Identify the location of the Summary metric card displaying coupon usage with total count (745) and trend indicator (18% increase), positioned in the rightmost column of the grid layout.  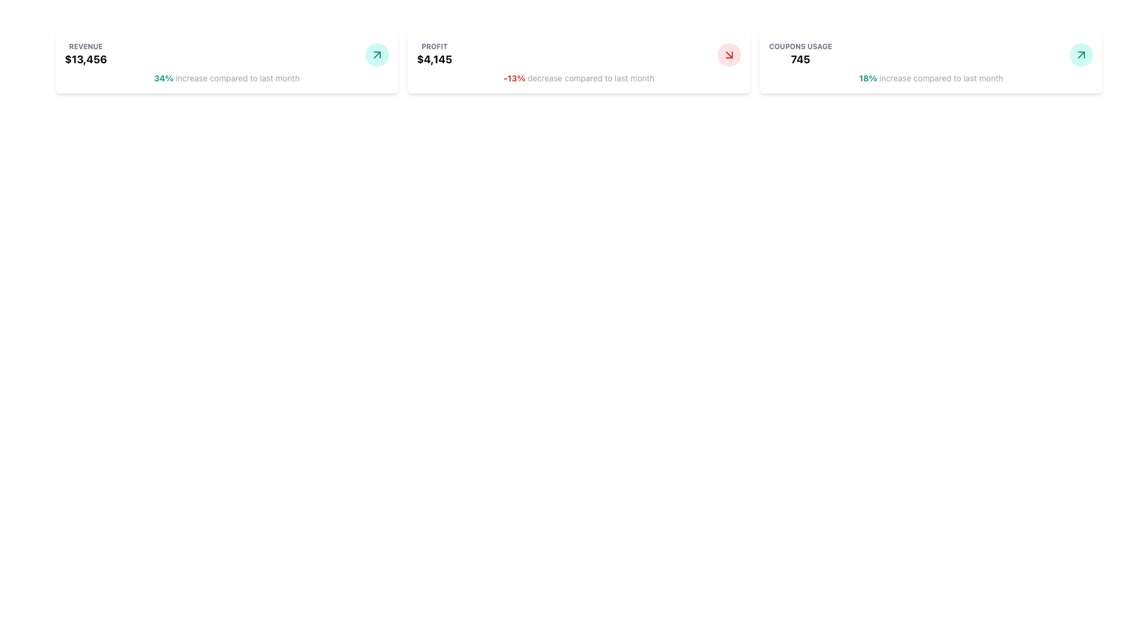
(931, 63).